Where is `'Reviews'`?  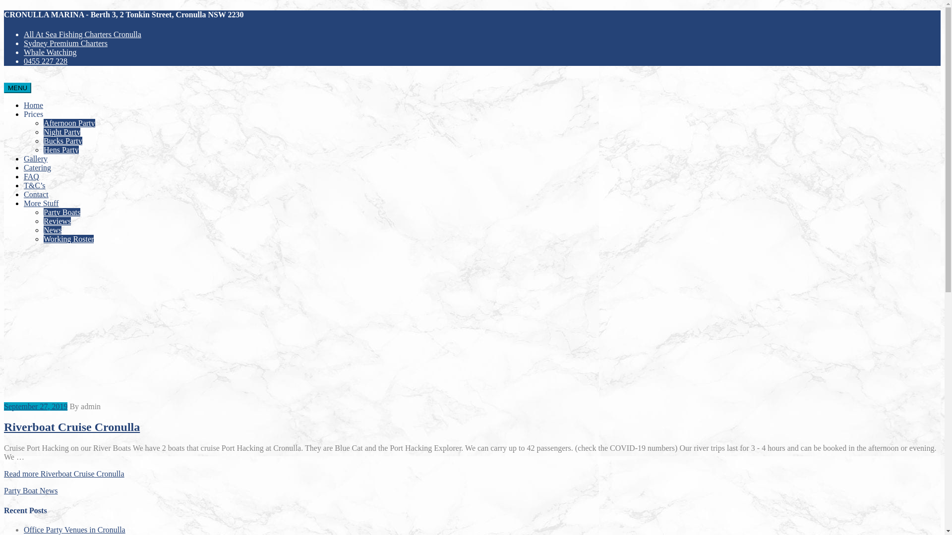
'Reviews' is located at coordinates (57, 220).